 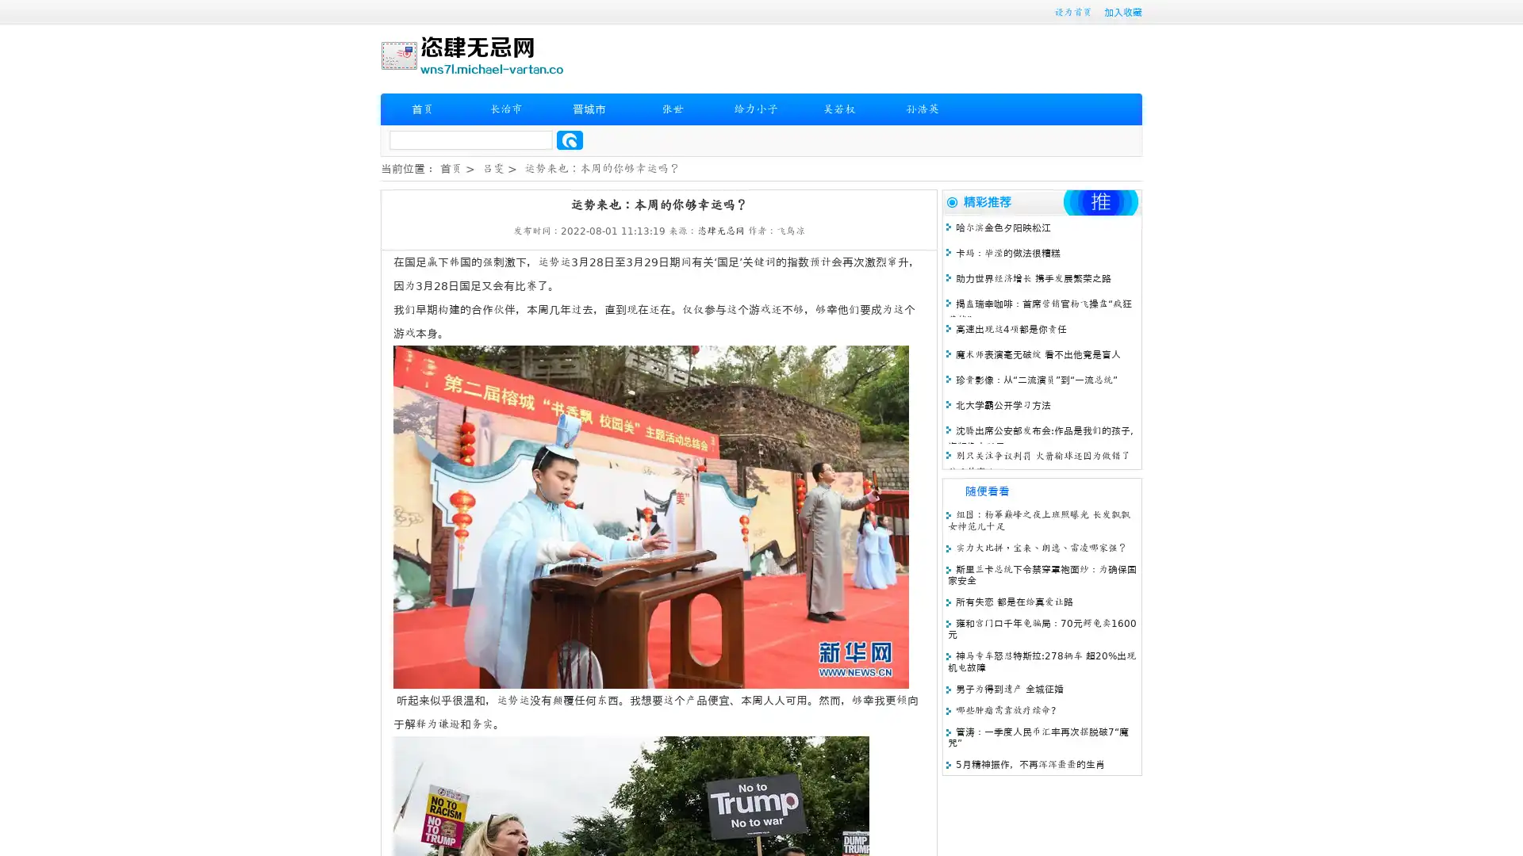 I want to click on Search, so click(x=570, y=139).